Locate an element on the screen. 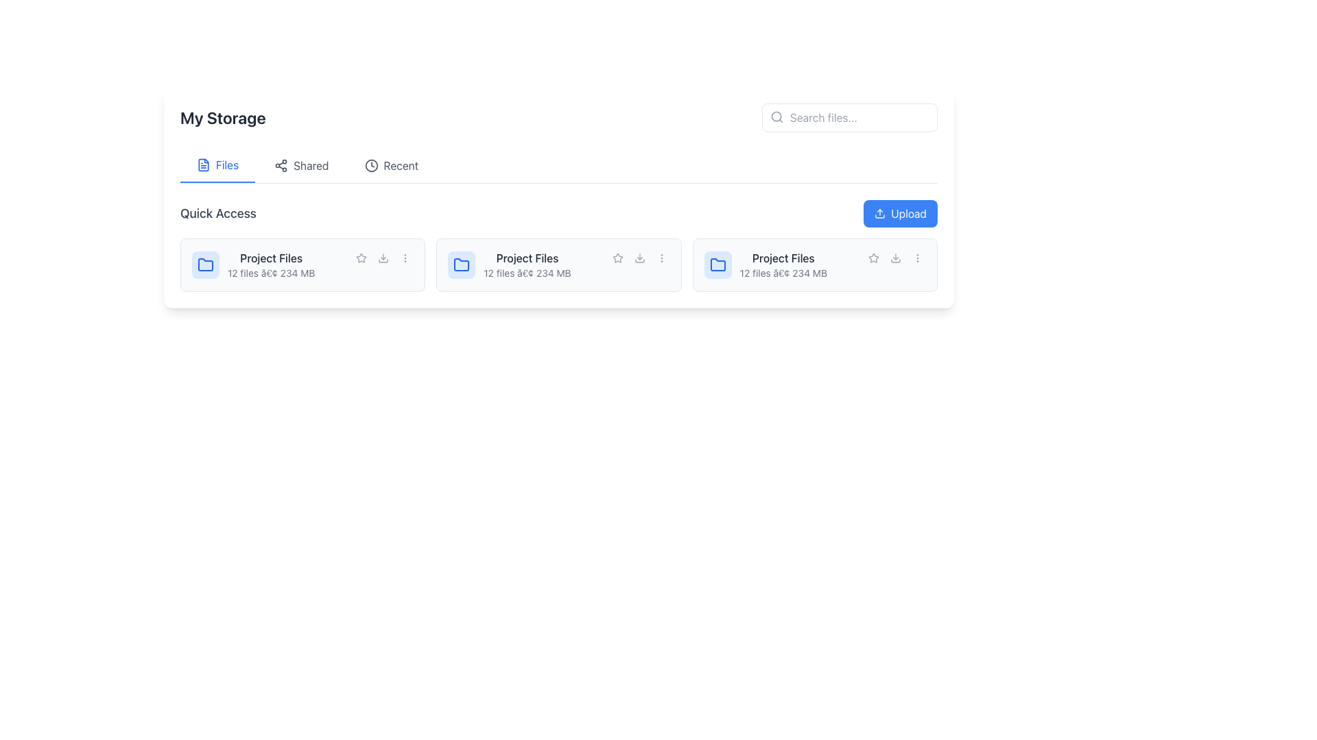  the star icon in the Quick Access section to mark or unmark an item as a favorite is located at coordinates (361, 258).